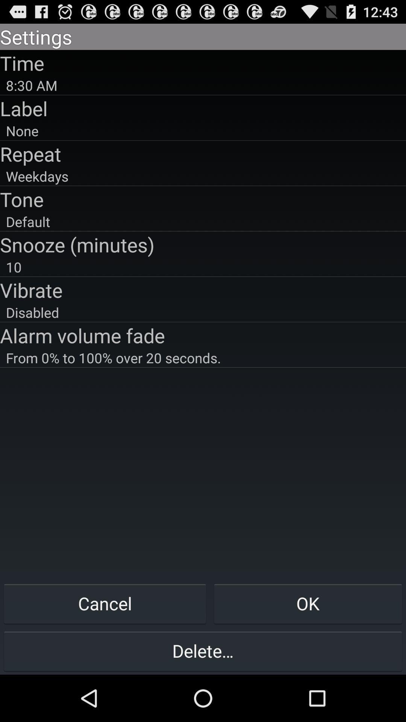 The width and height of the screenshot is (406, 722). What do you see at coordinates (308, 603) in the screenshot?
I see `ok icon` at bounding box center [308, 603].